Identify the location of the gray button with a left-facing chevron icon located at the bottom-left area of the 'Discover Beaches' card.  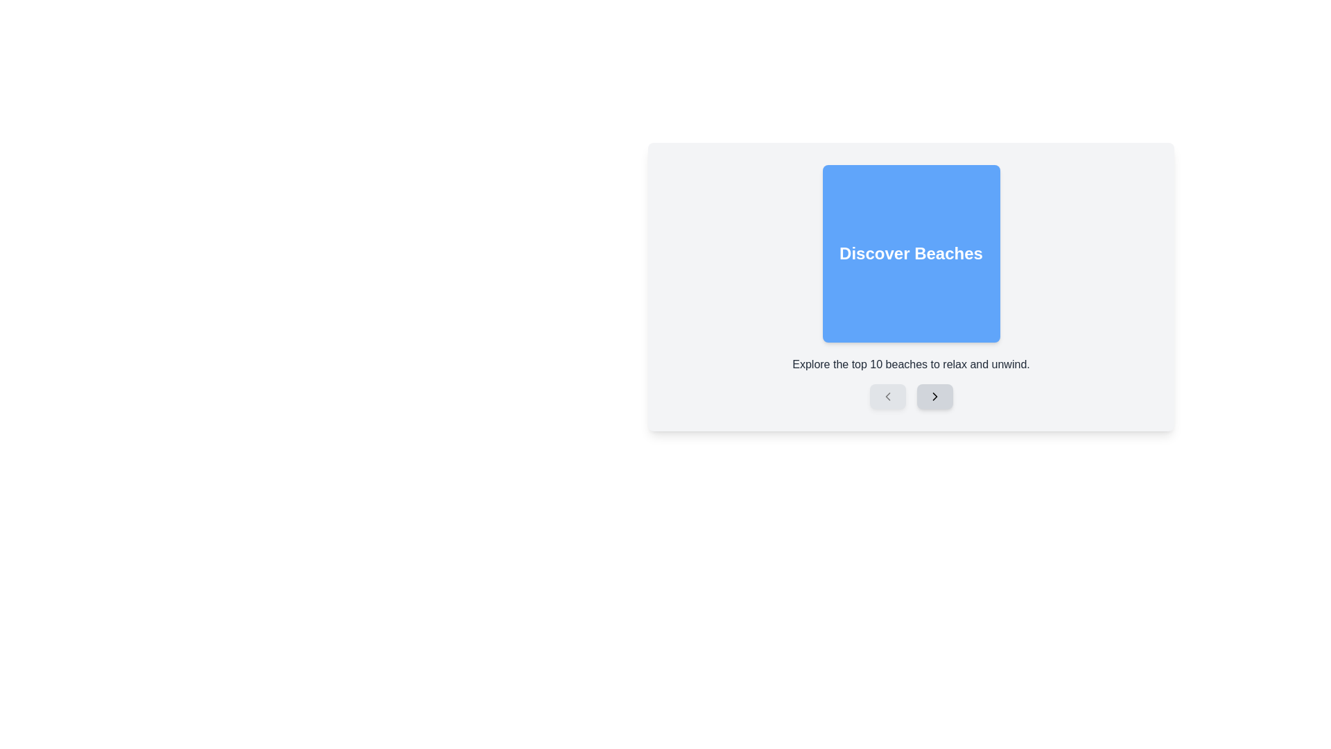
(887, 396).